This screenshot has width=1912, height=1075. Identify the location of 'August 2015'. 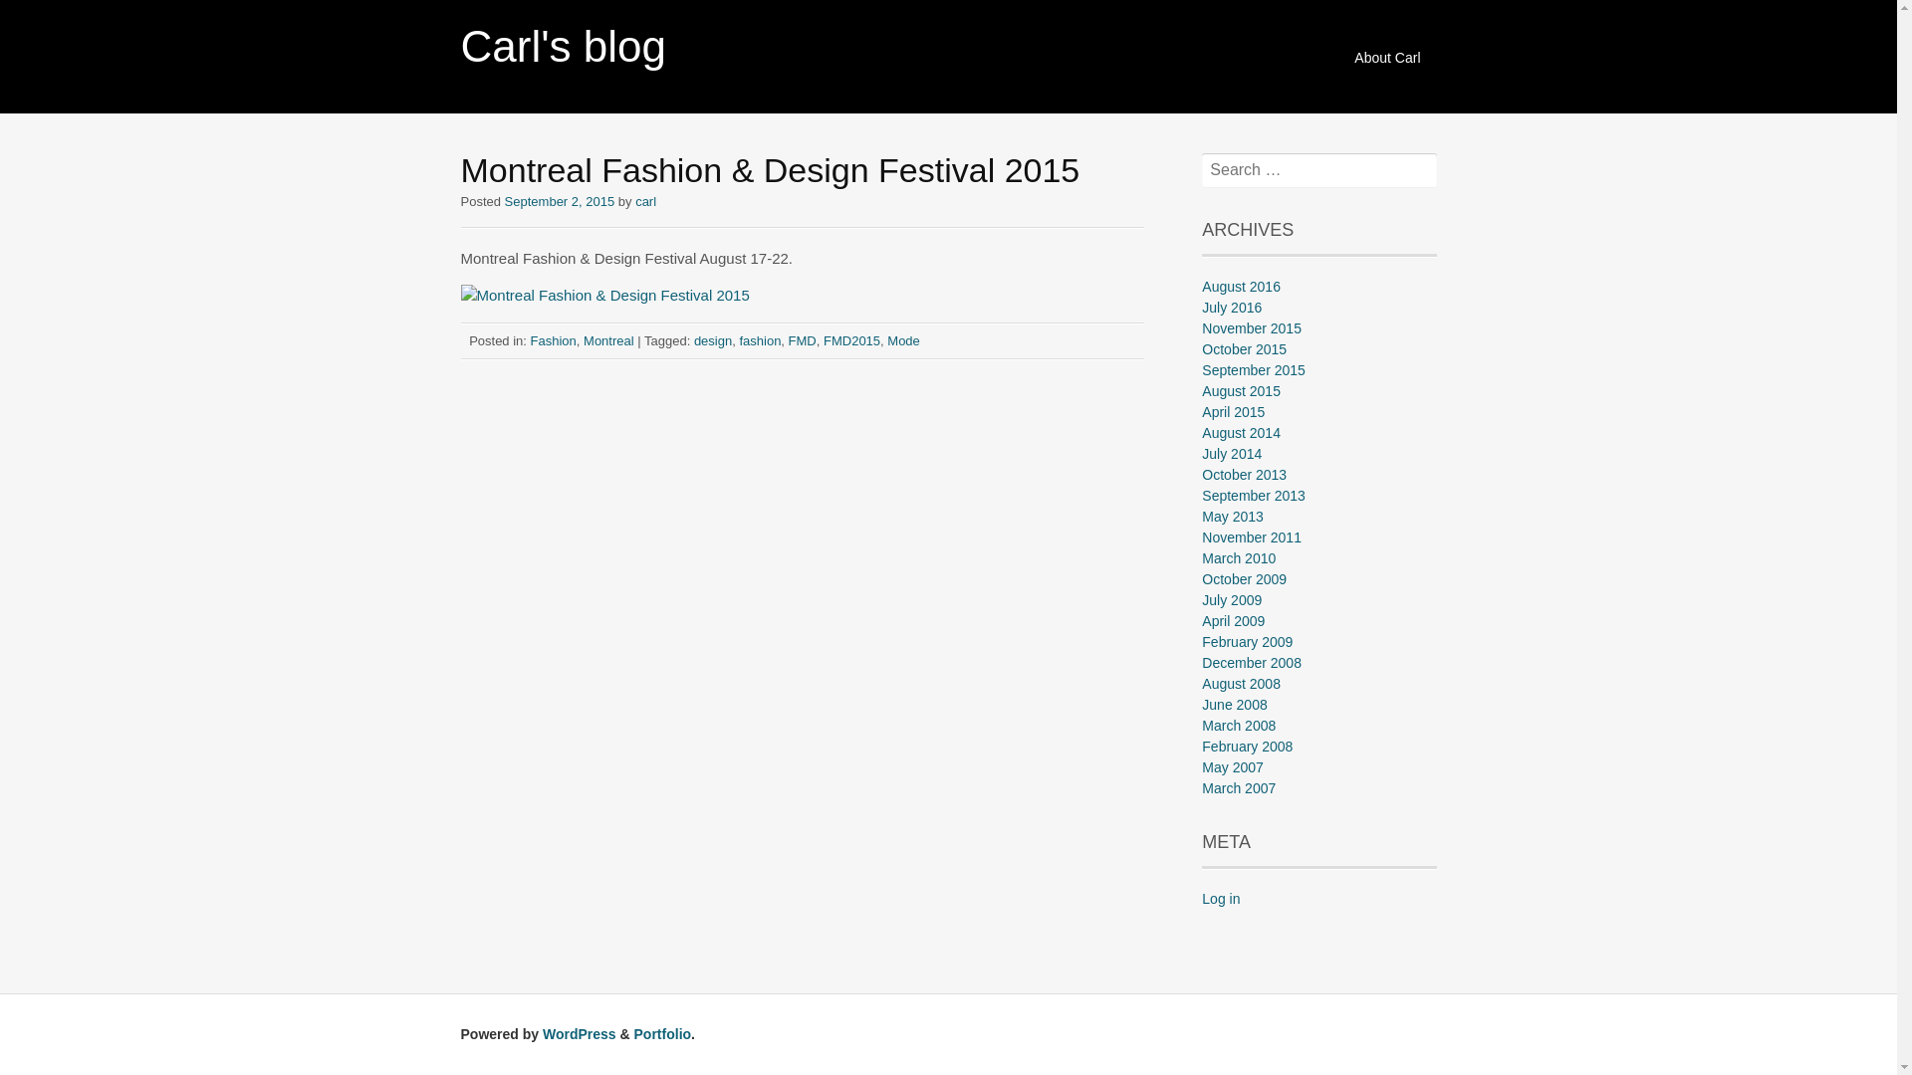
(1200, 391).